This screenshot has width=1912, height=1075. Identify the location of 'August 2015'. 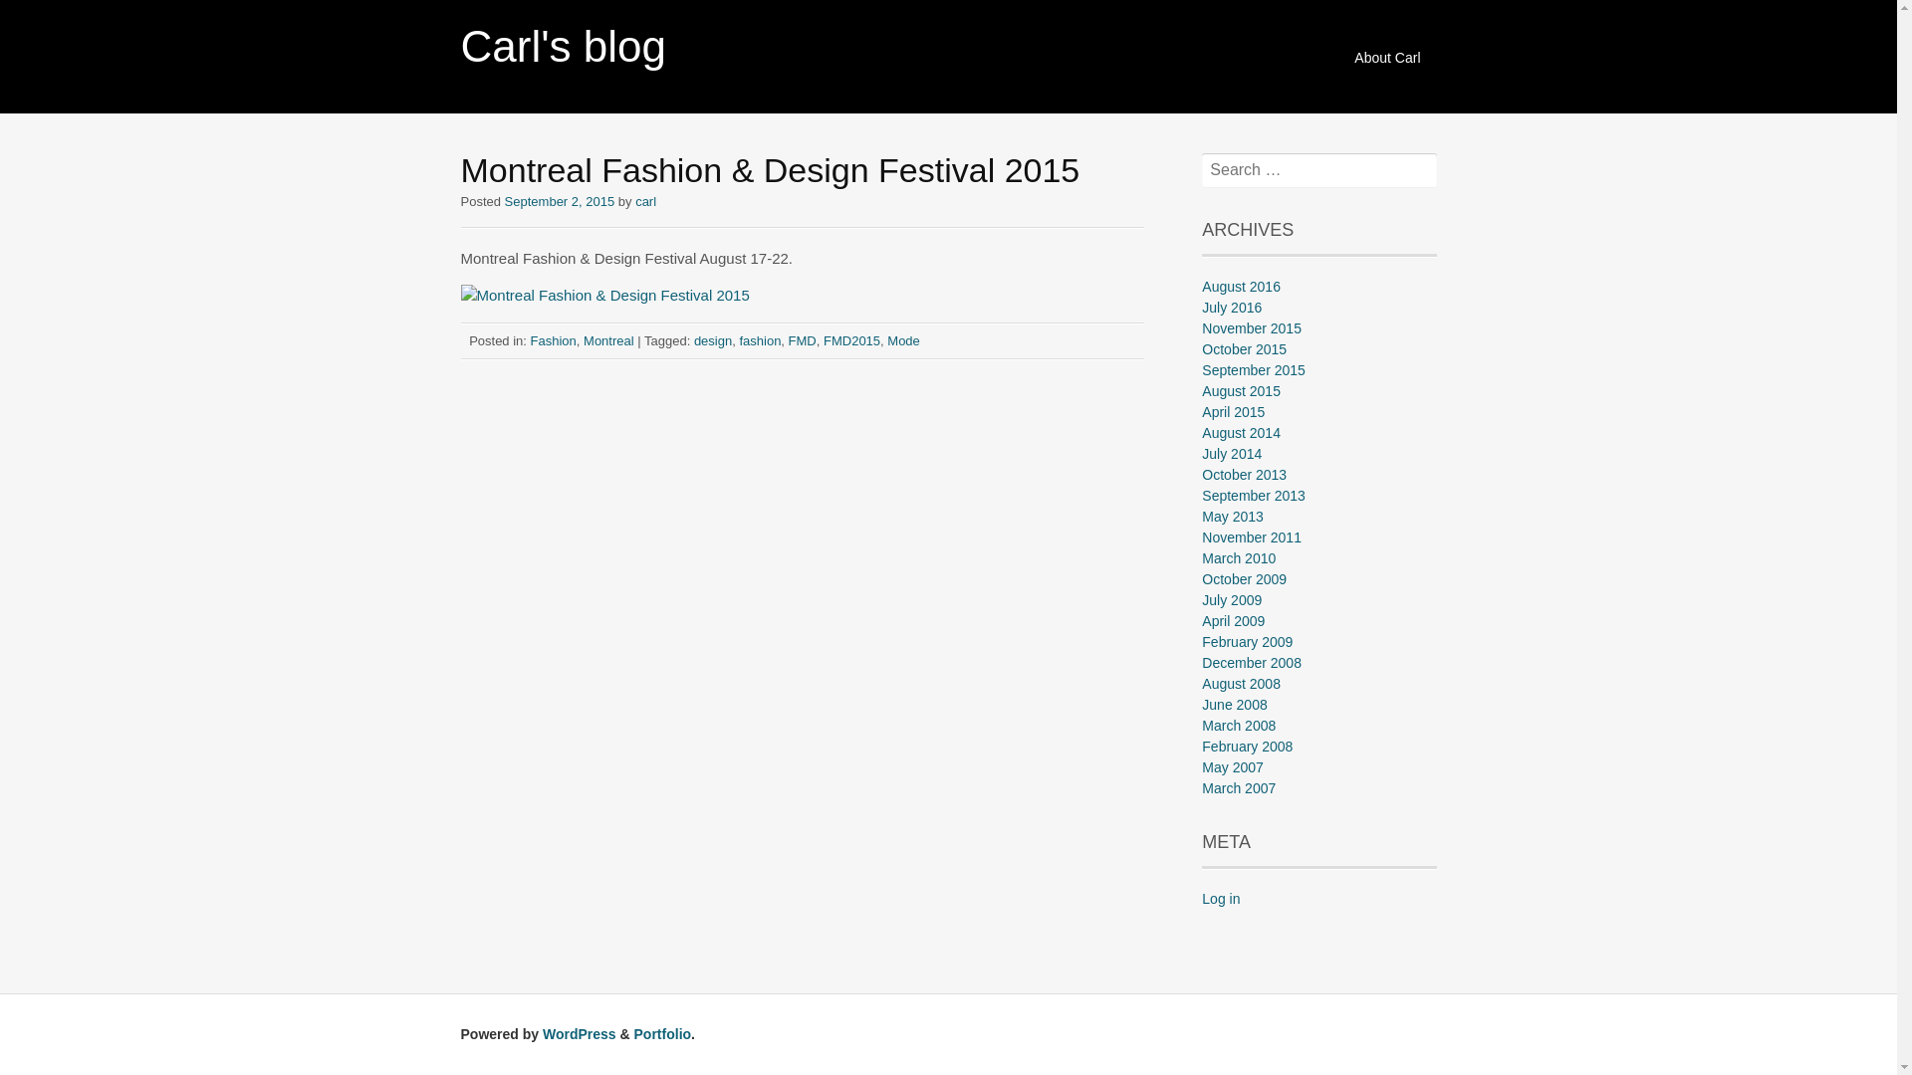
(1200, 391).